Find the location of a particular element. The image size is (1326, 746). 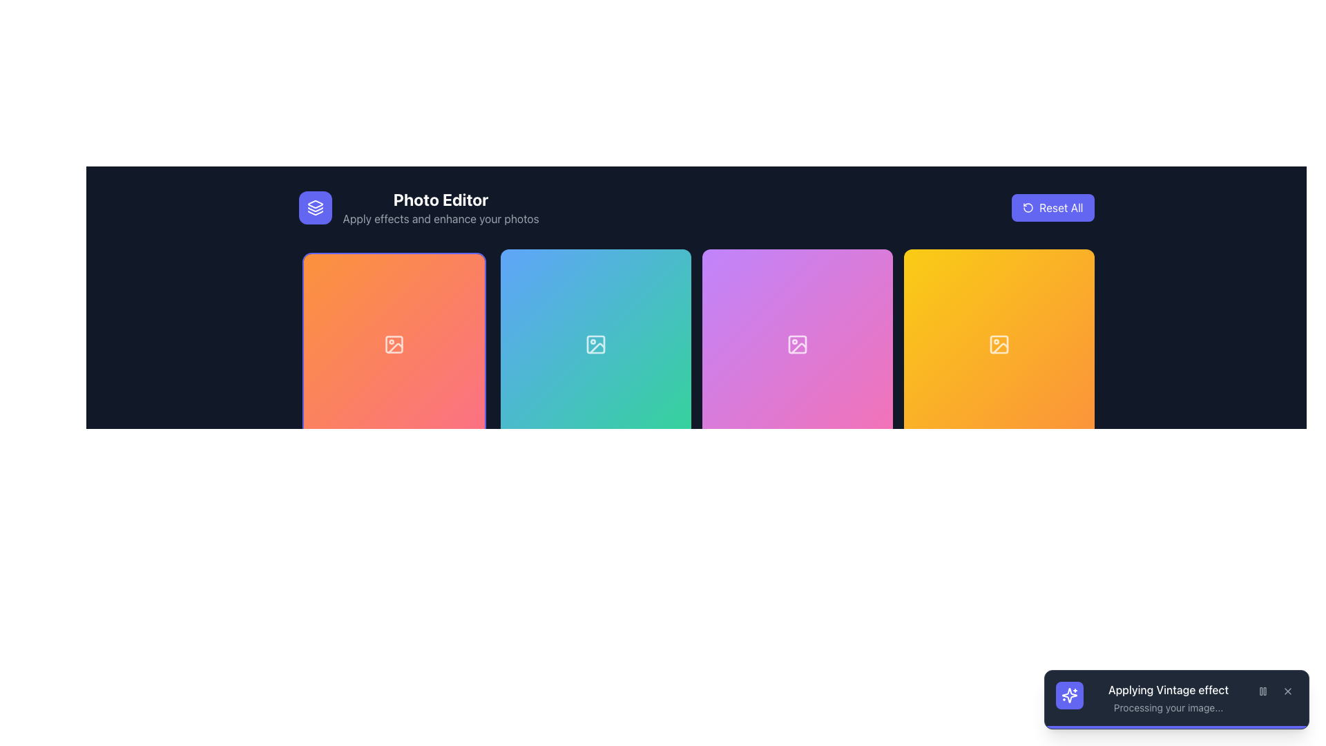

the fourth selectable card in the grid layout, which has a gradient background from yellow to orange and contains a centered white image placeholder icon is located at coordinates (999, 343).